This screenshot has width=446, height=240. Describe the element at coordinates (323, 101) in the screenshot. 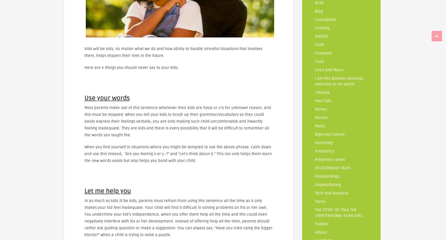

I see `'Men Talk'` at that location.